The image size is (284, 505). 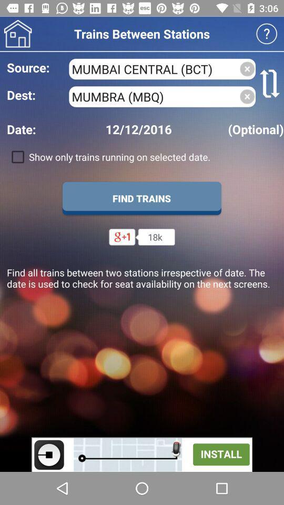 I want to click on app advertisement option, so click(x=142, y=454).